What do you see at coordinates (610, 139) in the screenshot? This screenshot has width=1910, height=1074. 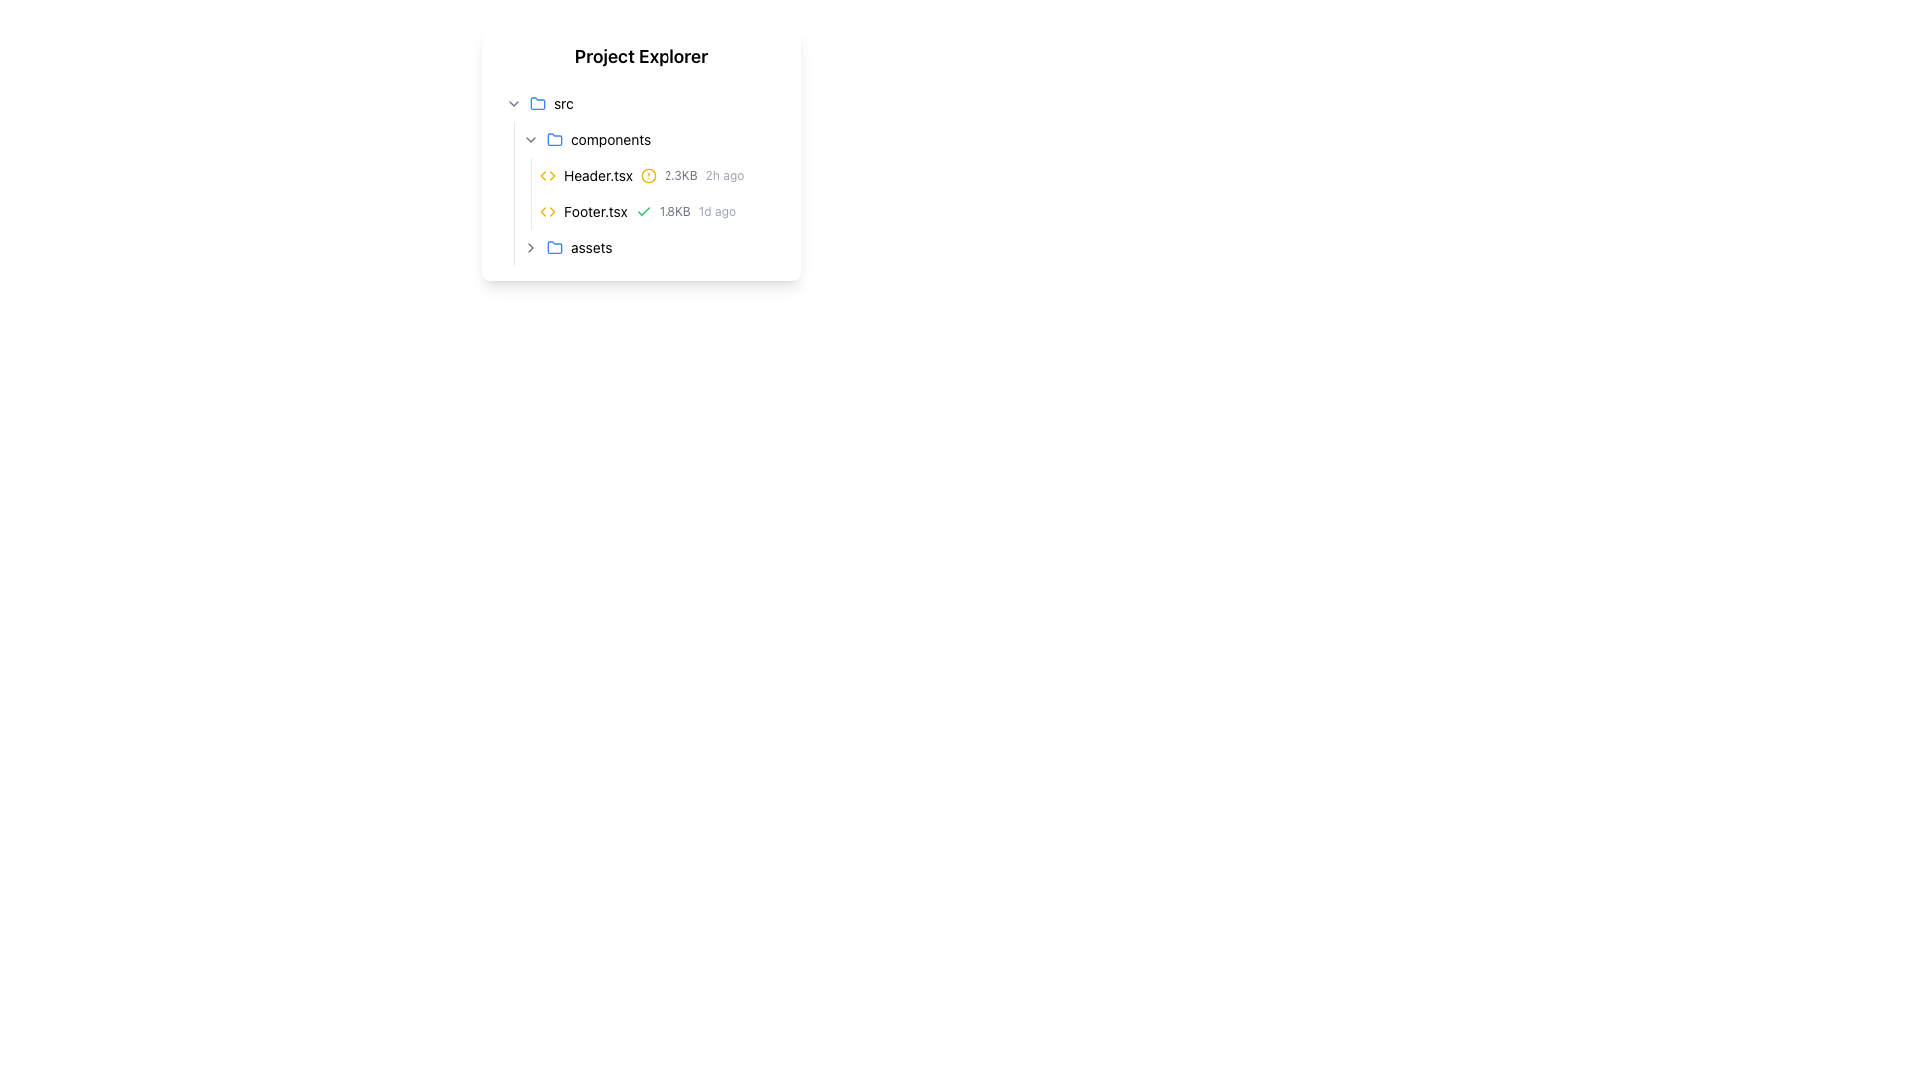 I see `the text label that denotes an expandable or clickable folder in the Project Explorer panel, located to the right of the folder icon` at bounding box center [610, 139].